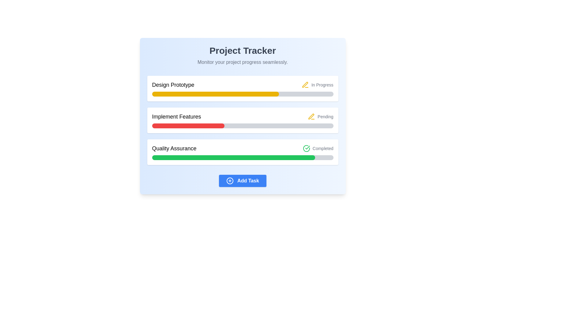  What do you see at coordinates (325, 116) in the screenshot?
I see `the text label displaying 'Pending', which is styled with a gray font color and located to the right of a yellow pen icon in the 'Implement Features' section of the project tracker interface` at bounding box center [325, 116].